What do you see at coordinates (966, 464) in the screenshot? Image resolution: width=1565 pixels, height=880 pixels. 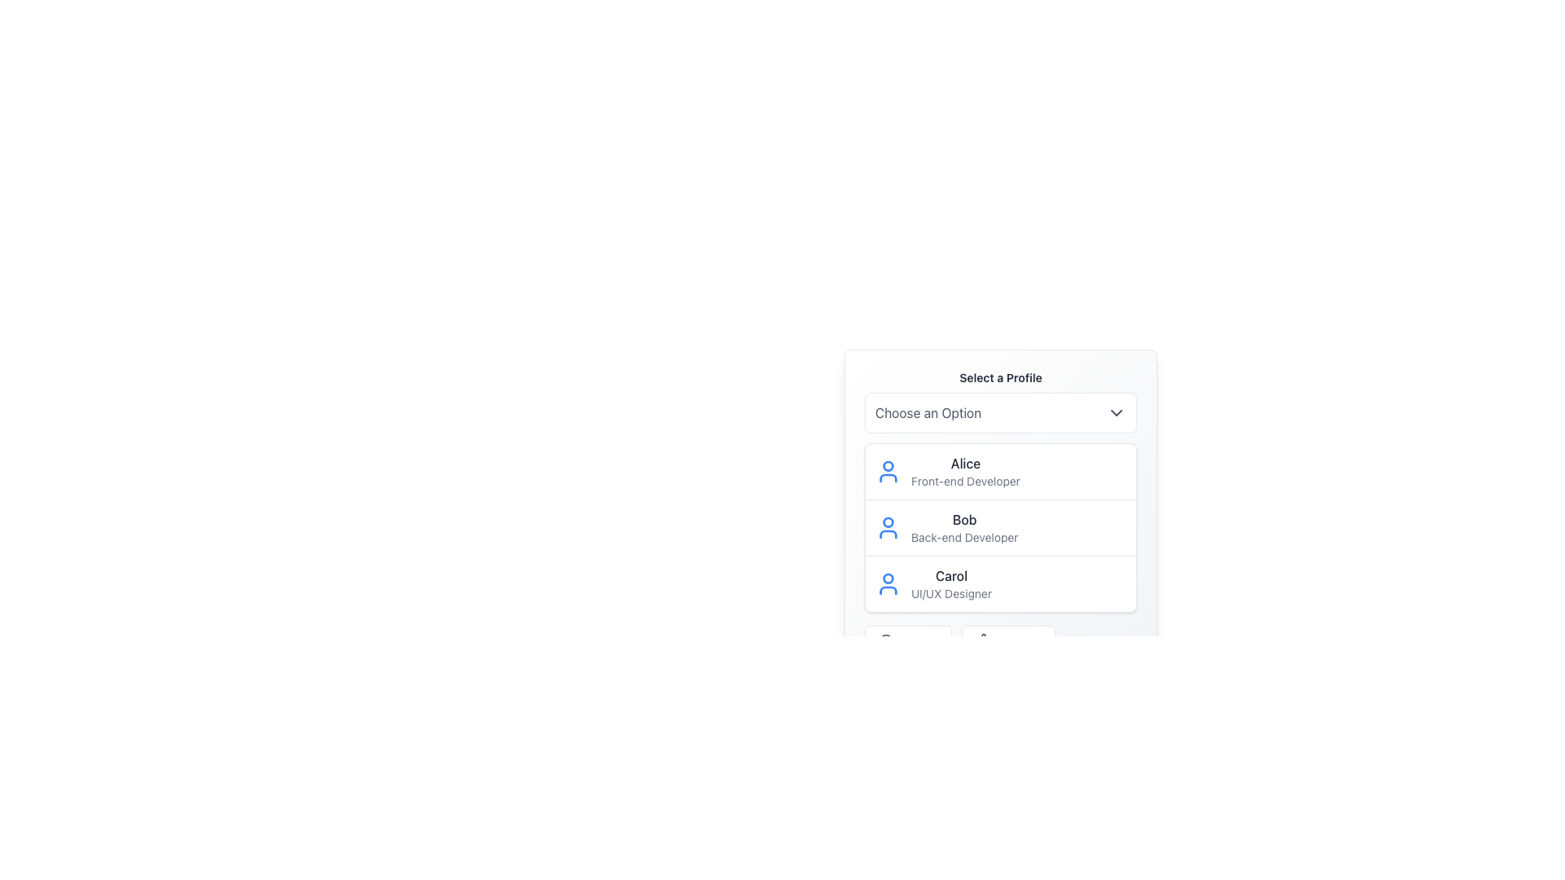 I see `the Static Text Label displaying the text 'Alice', which is positioned above 'Front-end Developer' in the 'Select a Profile' list` at bounding box center [966, 464].